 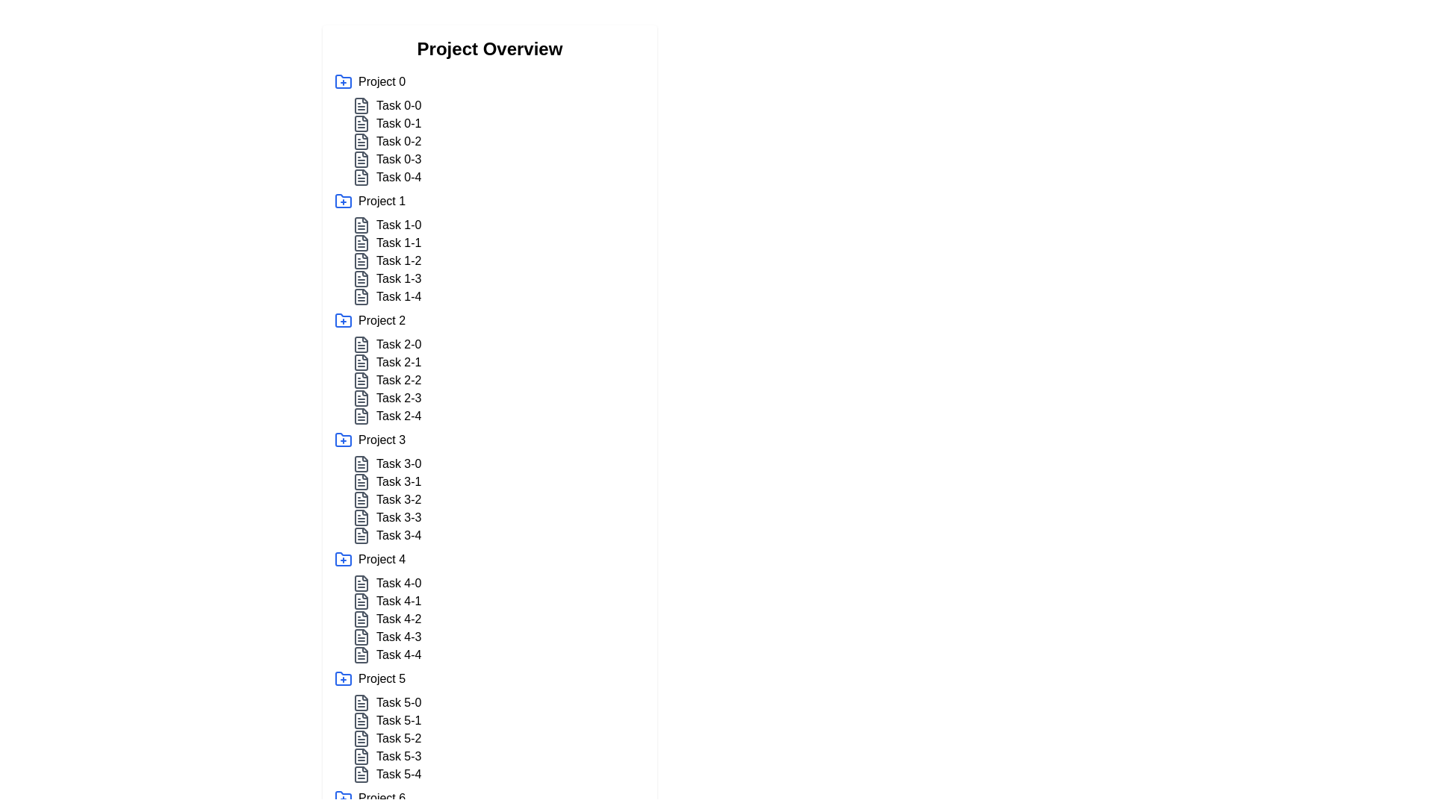 What do you see at coordinates (361, 534) in the screenshot?
I see `the document icon located to the left of the text label 'Task 3-4' in the 'Project 3' section to interact with it` at bounding box center [361, 534].